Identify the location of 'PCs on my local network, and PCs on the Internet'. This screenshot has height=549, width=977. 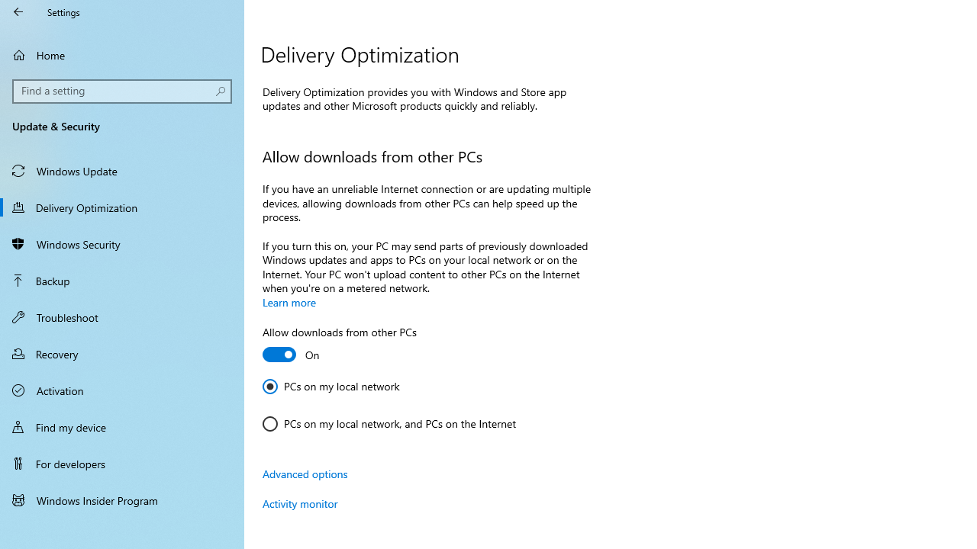
(389, 423).